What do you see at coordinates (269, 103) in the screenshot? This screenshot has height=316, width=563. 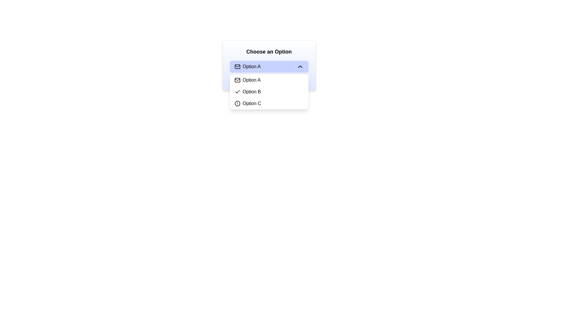 I see `the dropdown menu option labeled 'Option C', which is the third entry in the dropdown under 'Choose an Option'` at bounding box center [269, 103].